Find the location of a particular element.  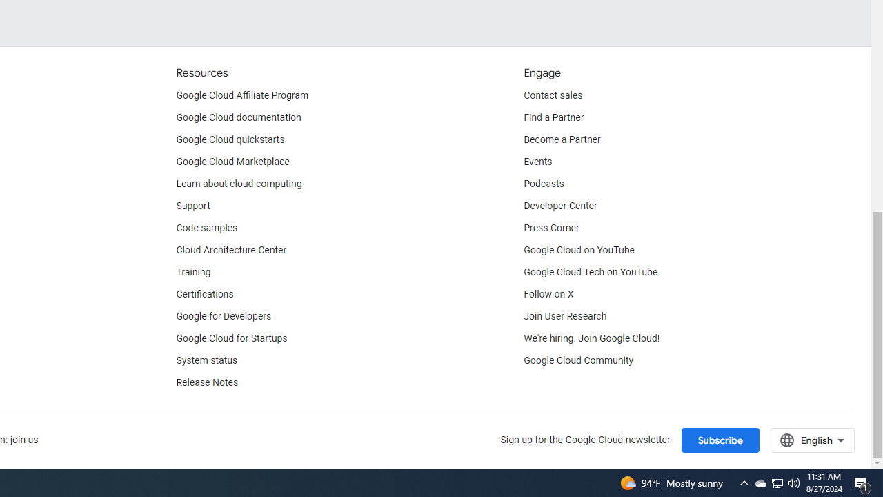

'Code samples' is located at coordinates (206, 228).